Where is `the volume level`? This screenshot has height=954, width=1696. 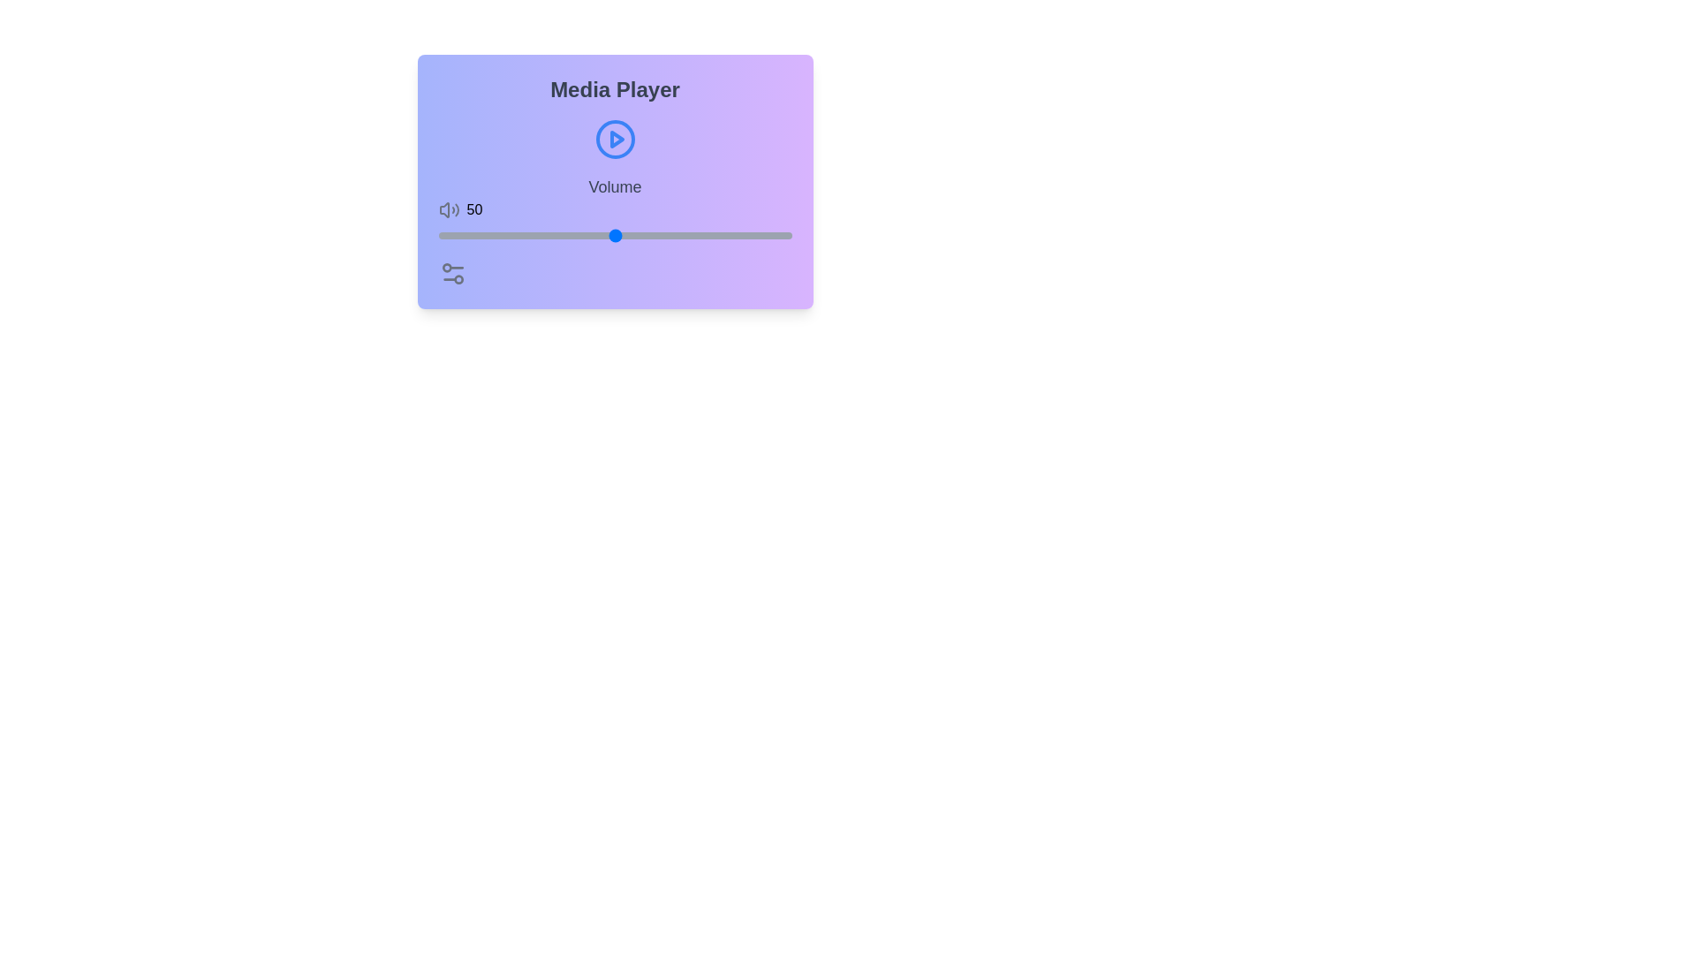 the volume level is located at coordinates (760, 234).